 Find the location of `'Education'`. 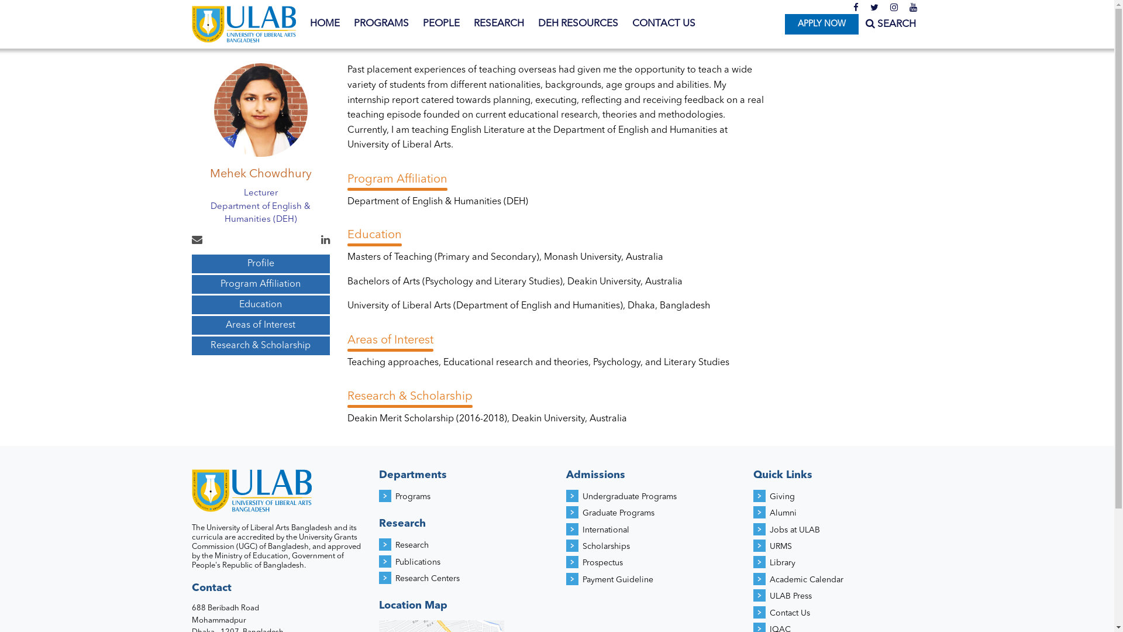

'Education' is located at coordinates (260, 304).